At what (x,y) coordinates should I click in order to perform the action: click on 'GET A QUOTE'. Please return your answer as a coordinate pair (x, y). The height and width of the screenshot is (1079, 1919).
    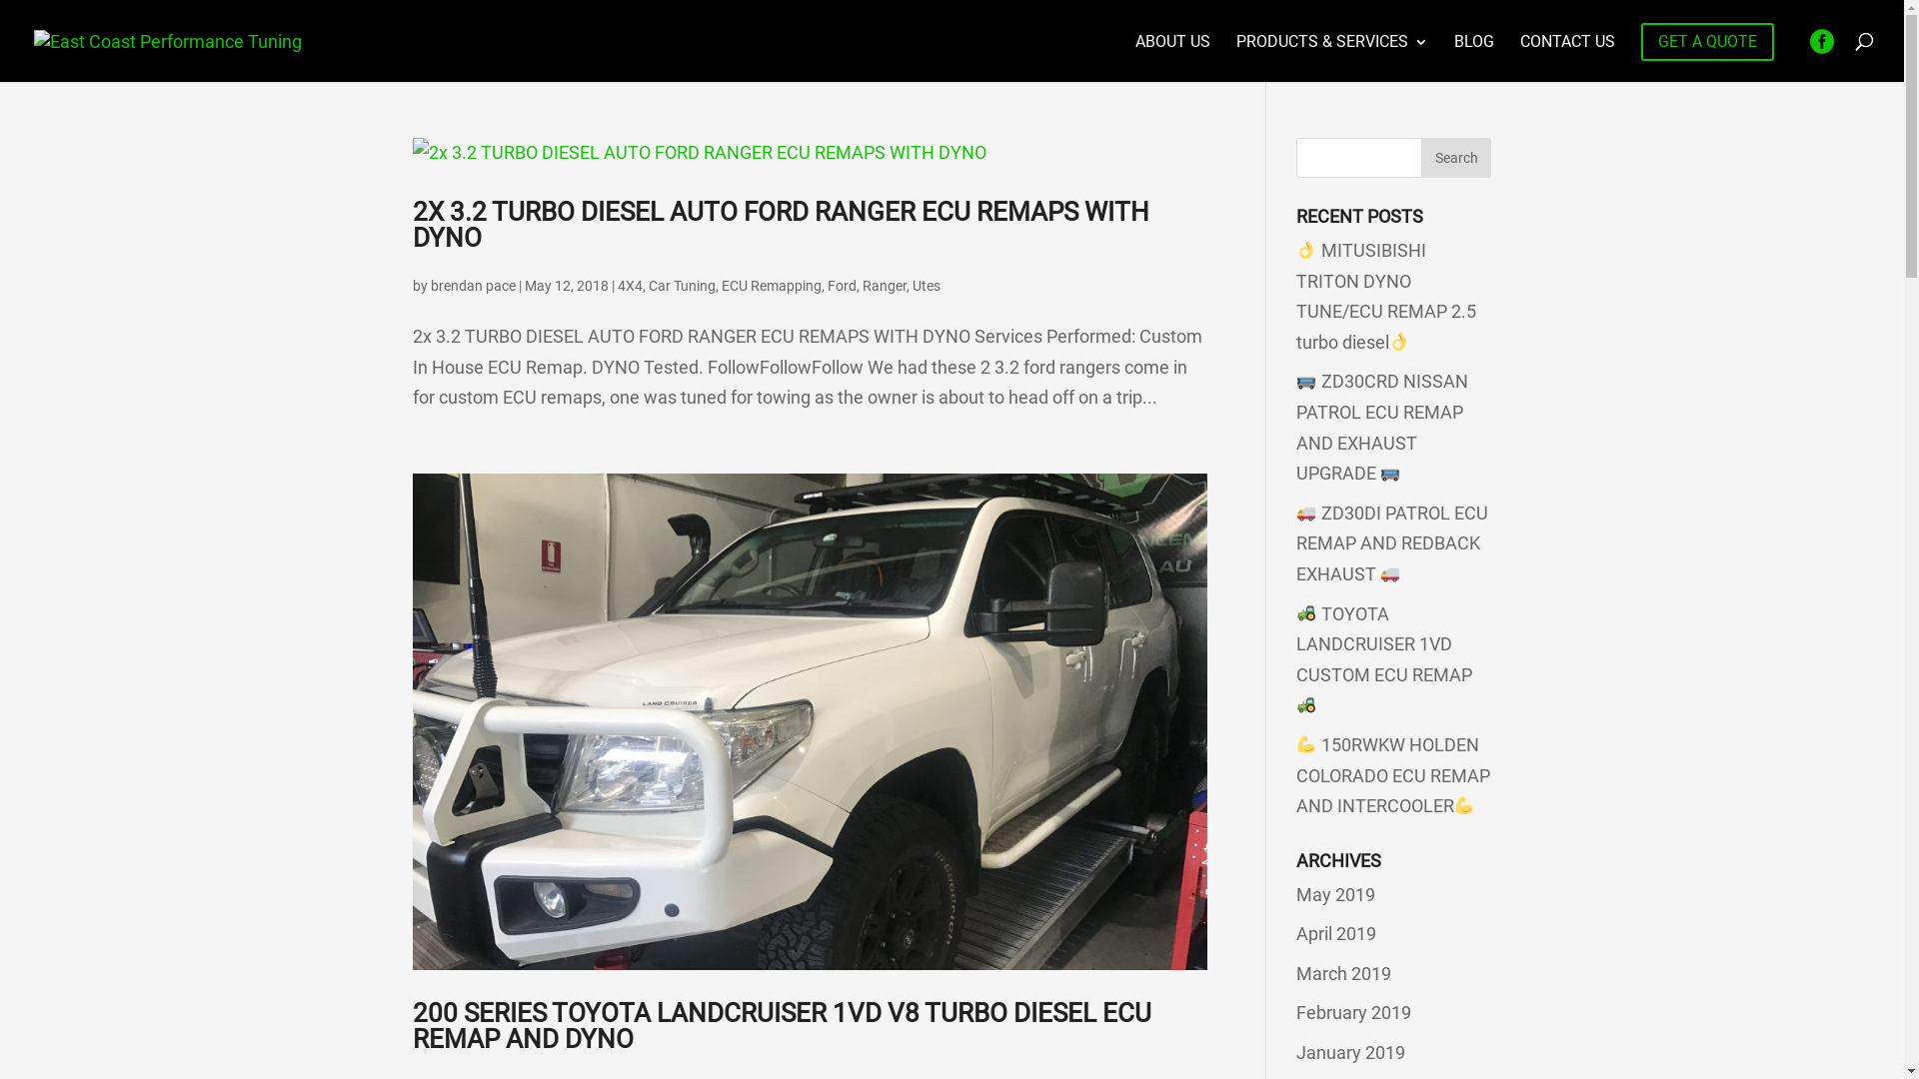
    Looking at the image, I should click on (1640, 42).